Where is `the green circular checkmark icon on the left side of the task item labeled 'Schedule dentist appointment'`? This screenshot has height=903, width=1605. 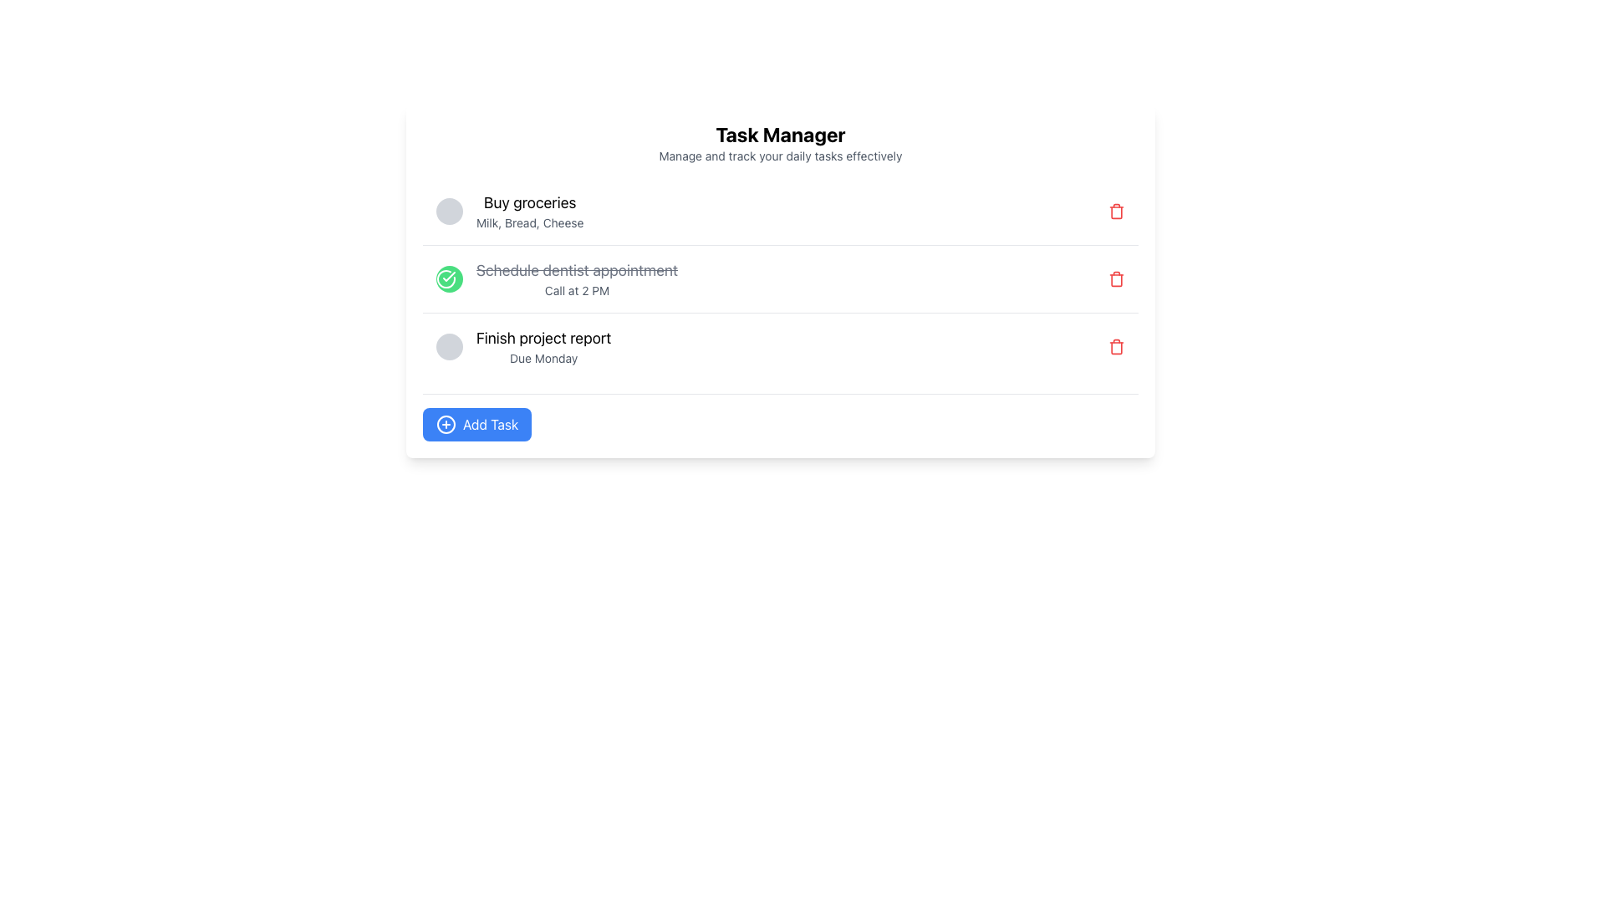 the green circular checkmark icon on the left side of the task item labeled 'Schedule dentist appointment' is located at coordinates (557, 278).